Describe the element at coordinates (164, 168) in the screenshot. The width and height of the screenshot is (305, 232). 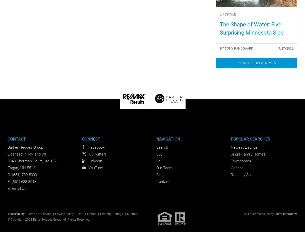
I see `'Our Team'` at that location.